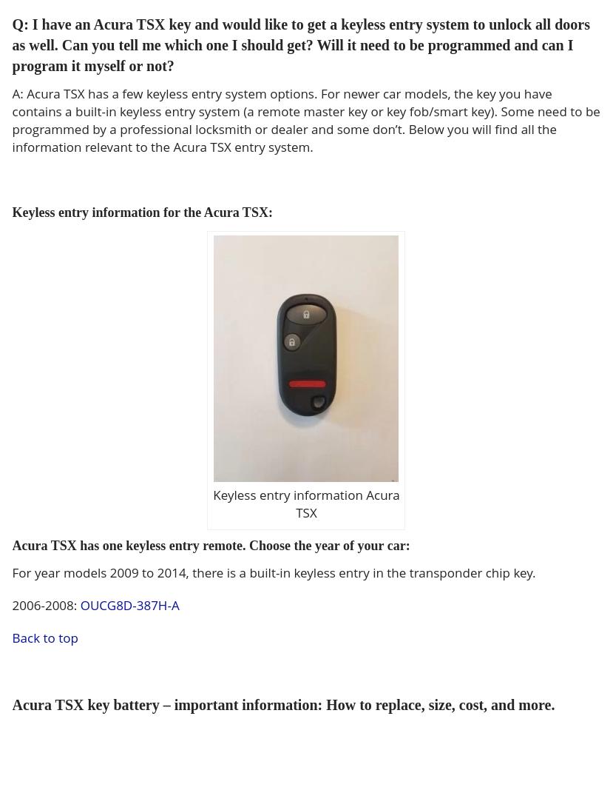 The image size is (613, 793). Describe the element at coordinates (129, 604) in the screenshot. I see `'OUCG8D-387H-A'` at that location.